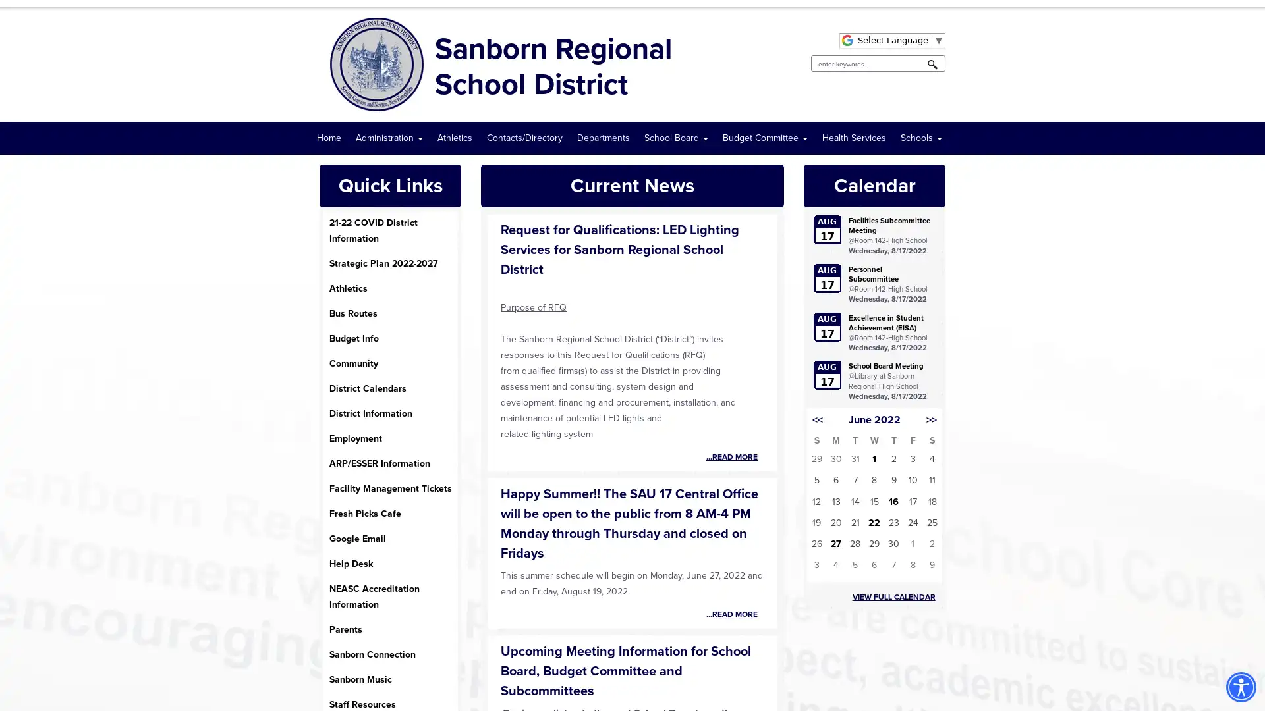  Describe the element at coordinates (1240, 687) in the screenshot. I see `Accessibility Menu` at that location.